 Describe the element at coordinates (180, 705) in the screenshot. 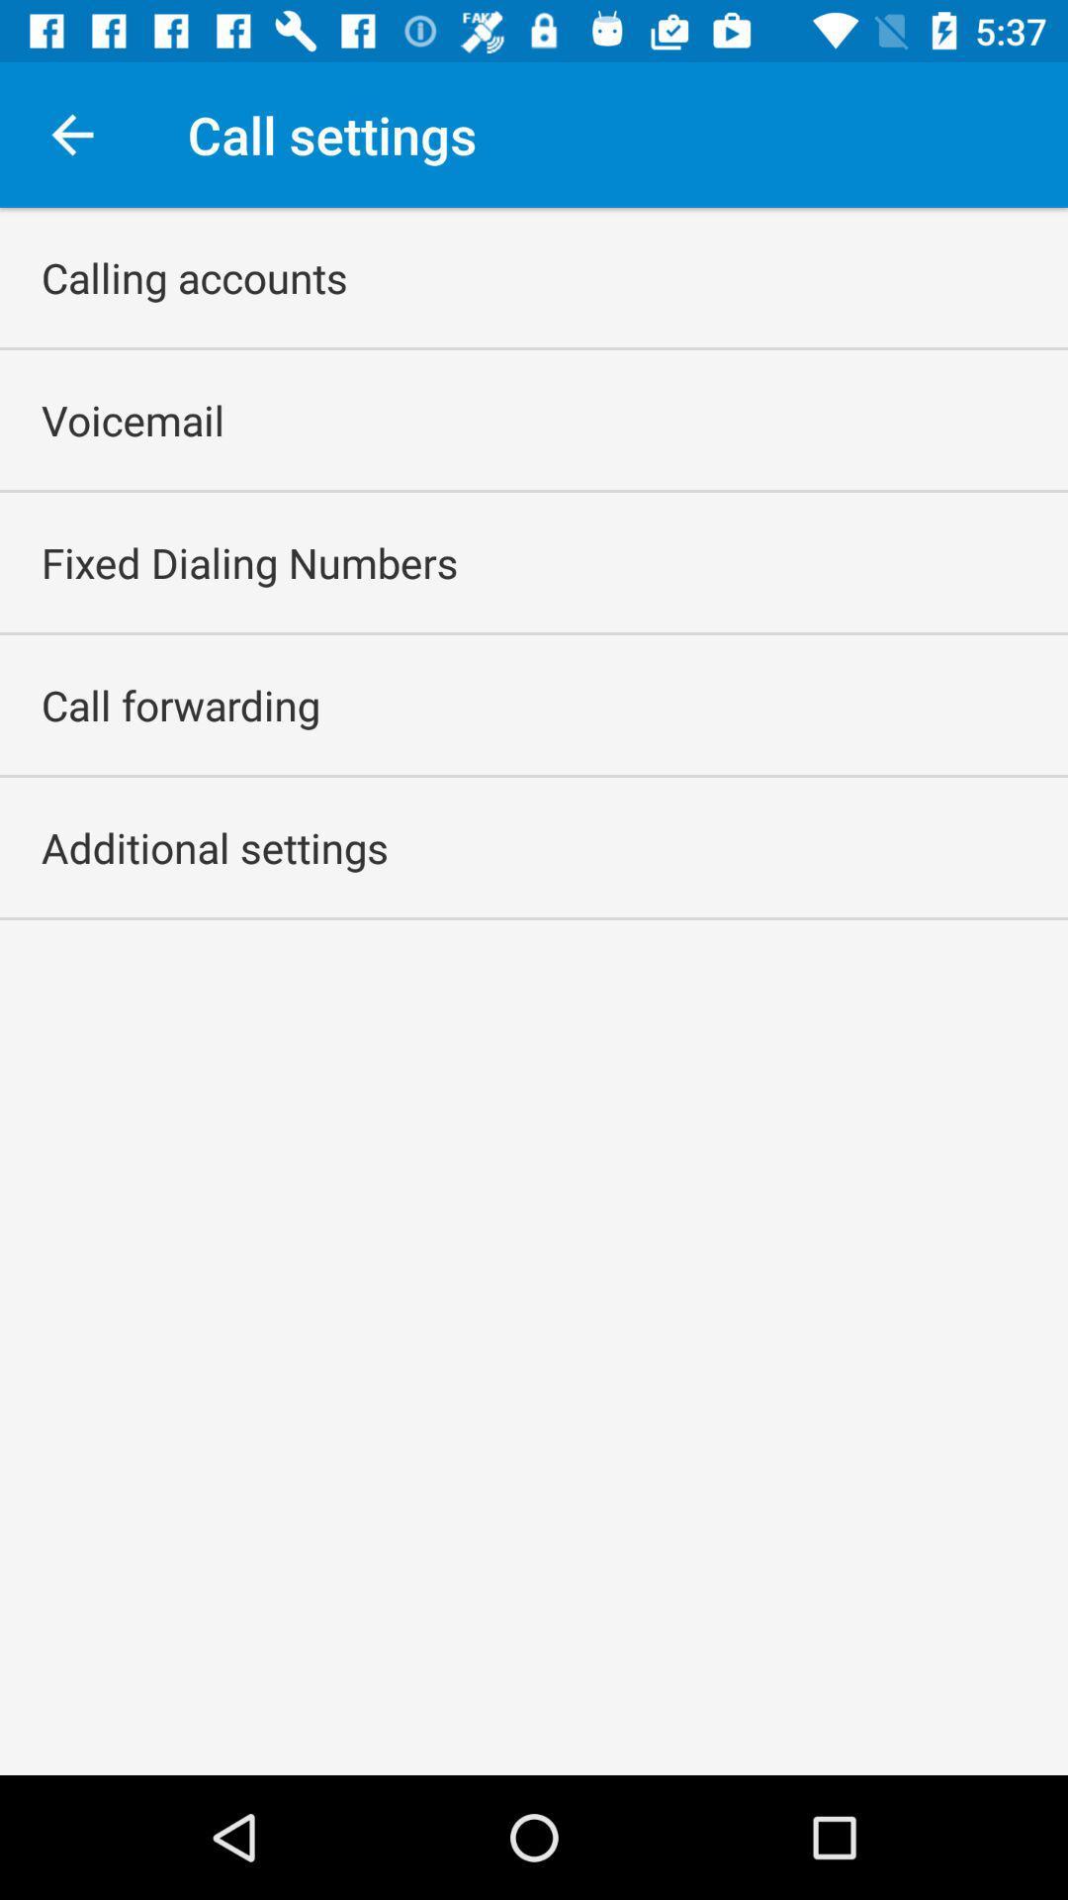

I see `the icon above the additional settings icon` at that location.